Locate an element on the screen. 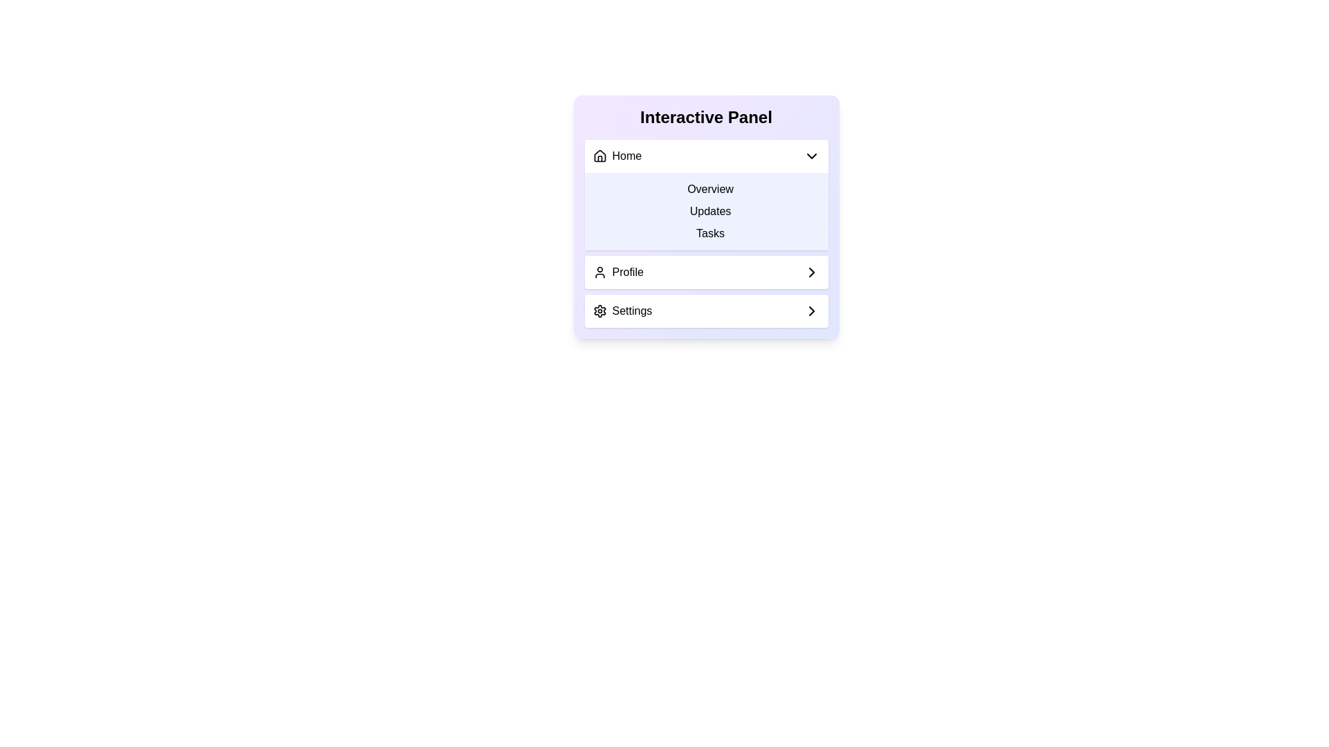 This screenshot has height=747, width=1329. the downward-facing chevron icon next to the 'Home' label in the panel header is located at coordinates (811, 156).